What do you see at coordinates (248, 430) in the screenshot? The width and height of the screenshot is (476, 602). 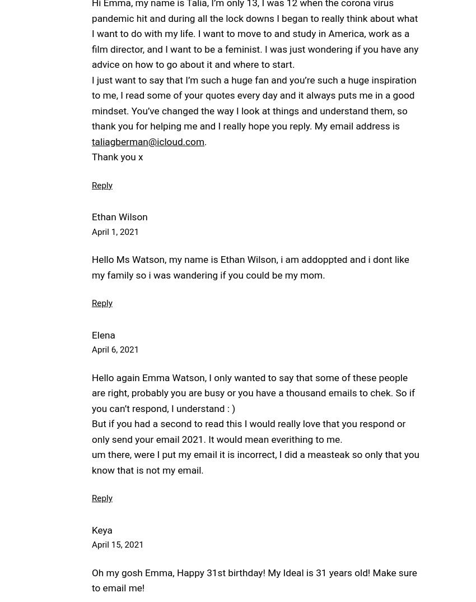 I see `'But if you had a second to read this I would really love that you respond or only send your email 2021. It would mean everithing to me.'` at bounding box center [248, 430].